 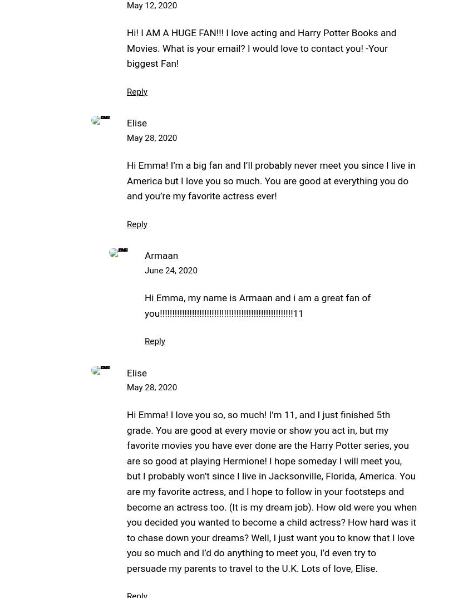 I want to click on 'Hi Emma, my name is Armaan and i am a great fan of you!!!!!!!!!!!!!!!!!!!!!!!!!!!!!!!!!!!!!!!!!!!!!!!!!!!!!!11', so click(x=257, y=305).